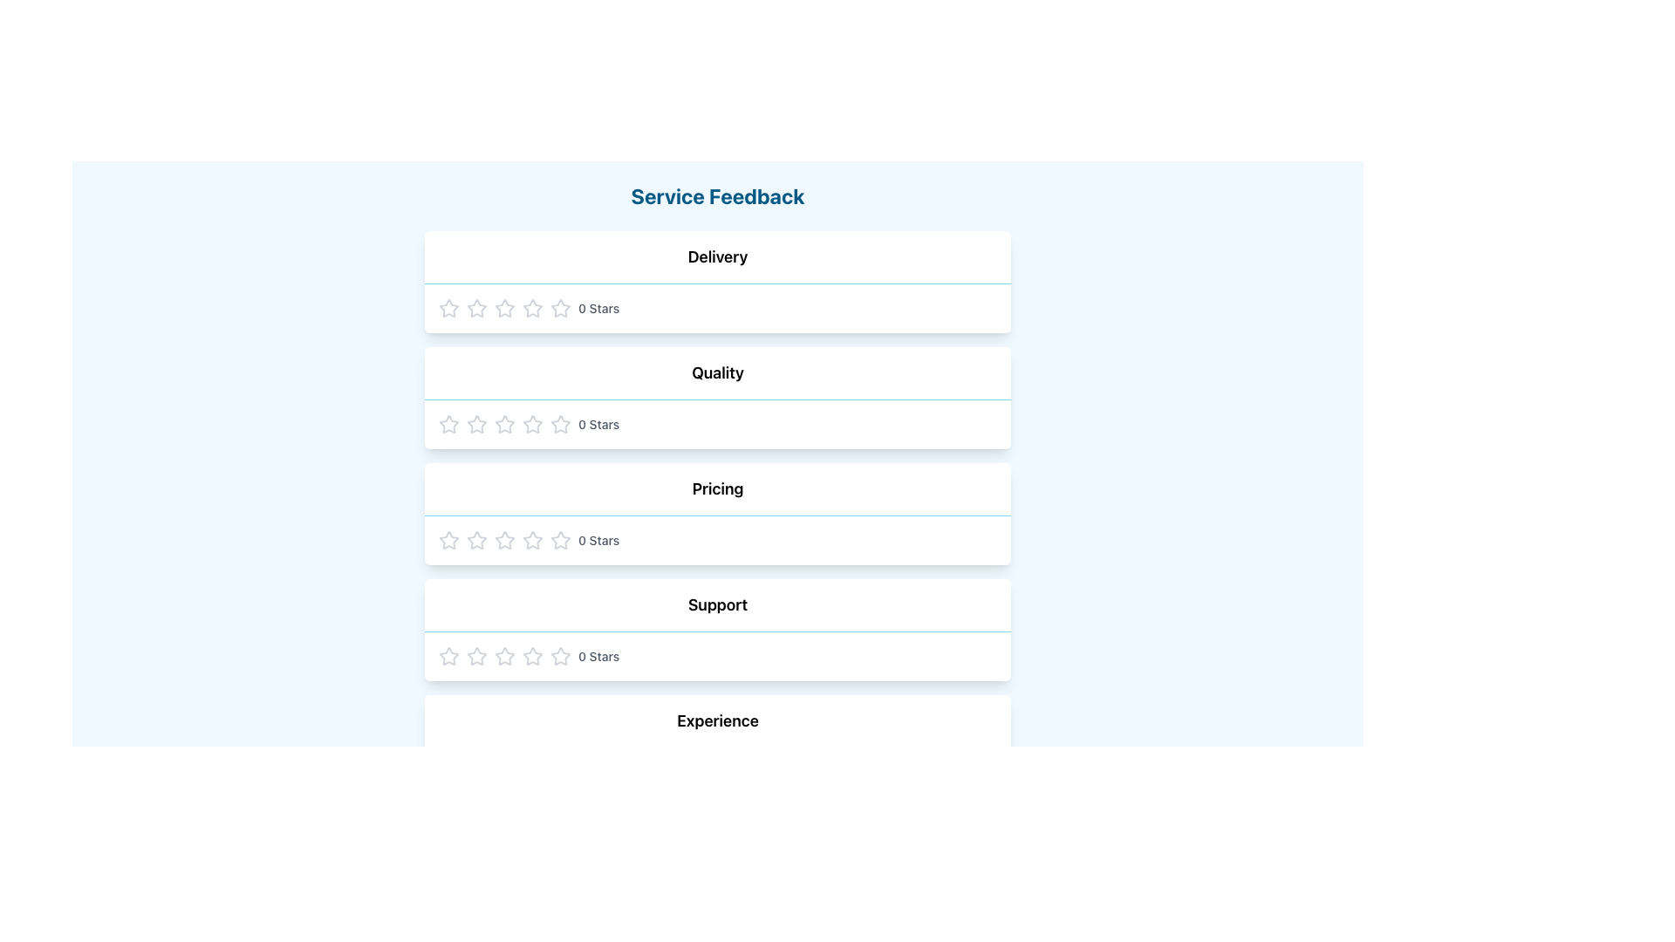  What do you see at coordinates (531, 539) in the screenshot?
I see `to select the third star icon in the rating sequence under the 'Pricing' category` at bounding box center [531, 539].